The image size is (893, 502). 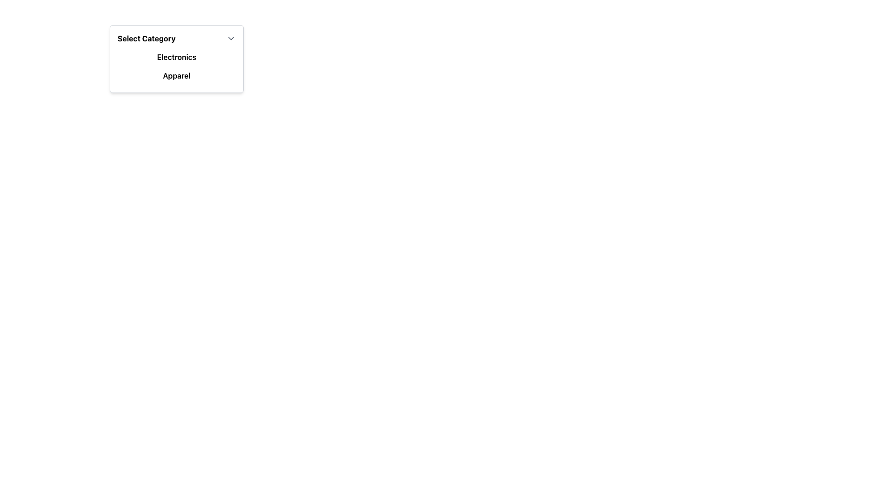 What do you see at coordinates (231, 38) in the screenshot?
I see `the toggle icon located on the right side of the 'Select Category' text in the dropdown menu header` at bounding box center [231, 38].